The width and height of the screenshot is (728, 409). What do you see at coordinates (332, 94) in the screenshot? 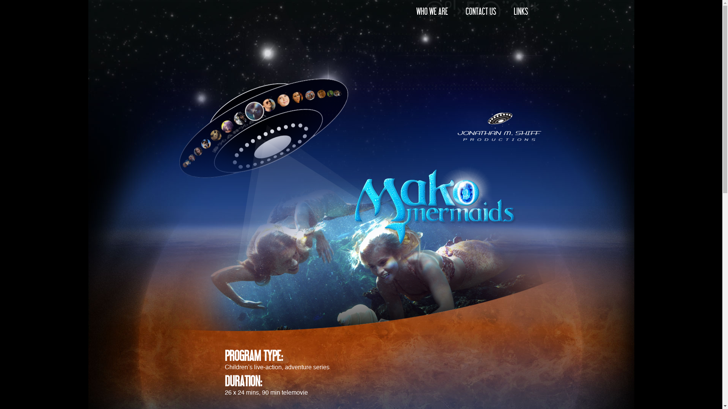
I see `'Scooter'` at bounding box center [332, 94].